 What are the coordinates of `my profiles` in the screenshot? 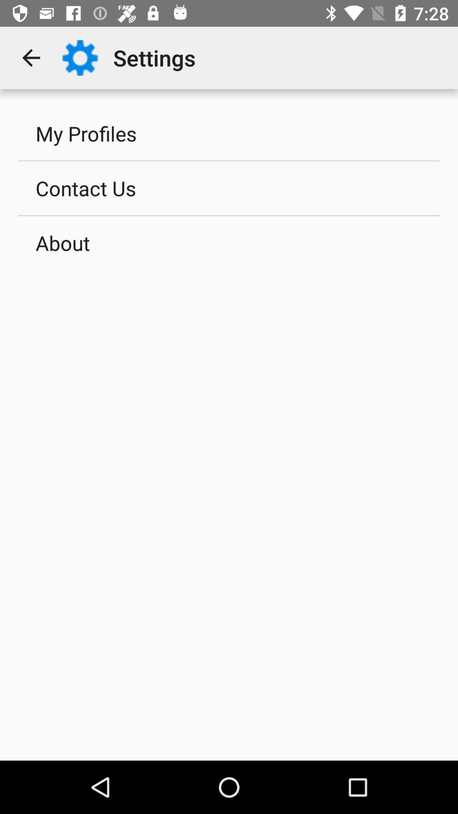 It's located at (229, 133).